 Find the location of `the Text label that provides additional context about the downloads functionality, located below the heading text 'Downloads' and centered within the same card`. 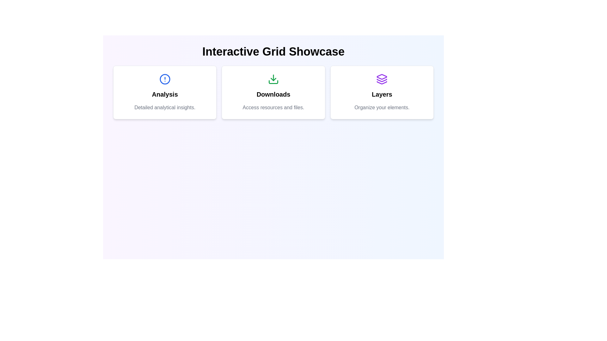

the Text label that provides additional context about the downloads functionality, located below the heading text 'Downloads' and centered within the same card is located at coordinates (273, 107).